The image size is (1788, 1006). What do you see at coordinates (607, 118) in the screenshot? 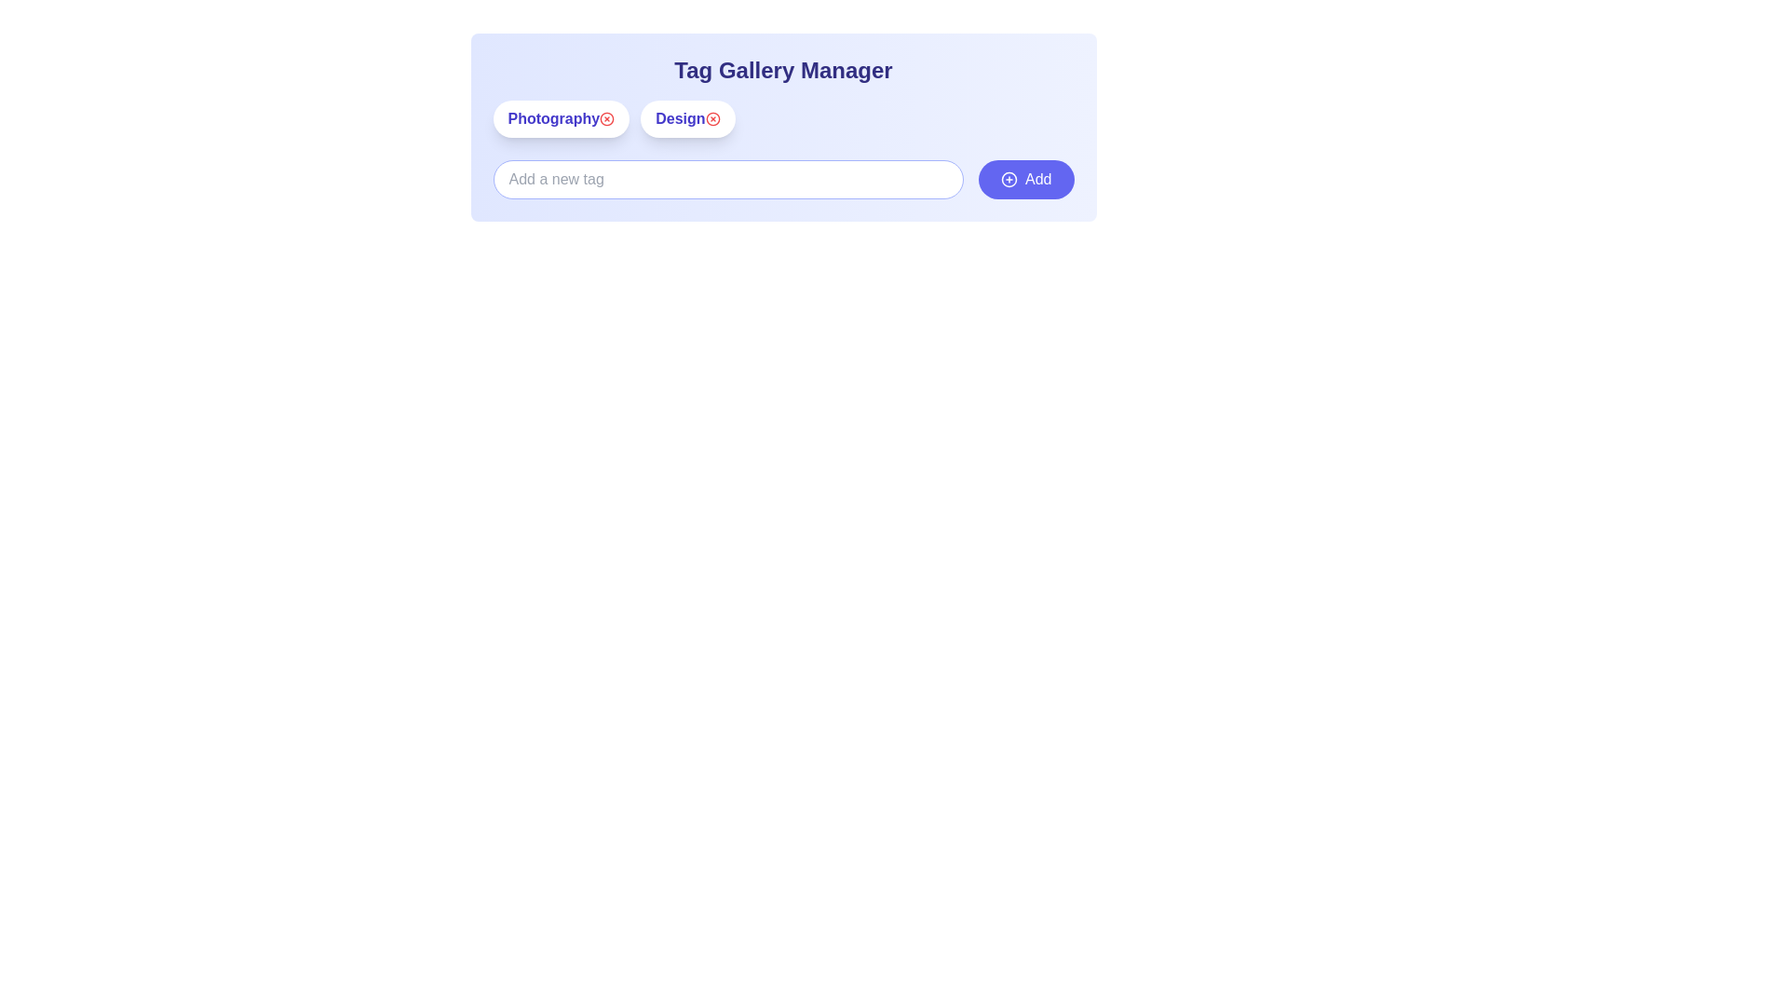
I see `the delete button located to the right of the 'Photography' label` at bounding box center [607, 118].